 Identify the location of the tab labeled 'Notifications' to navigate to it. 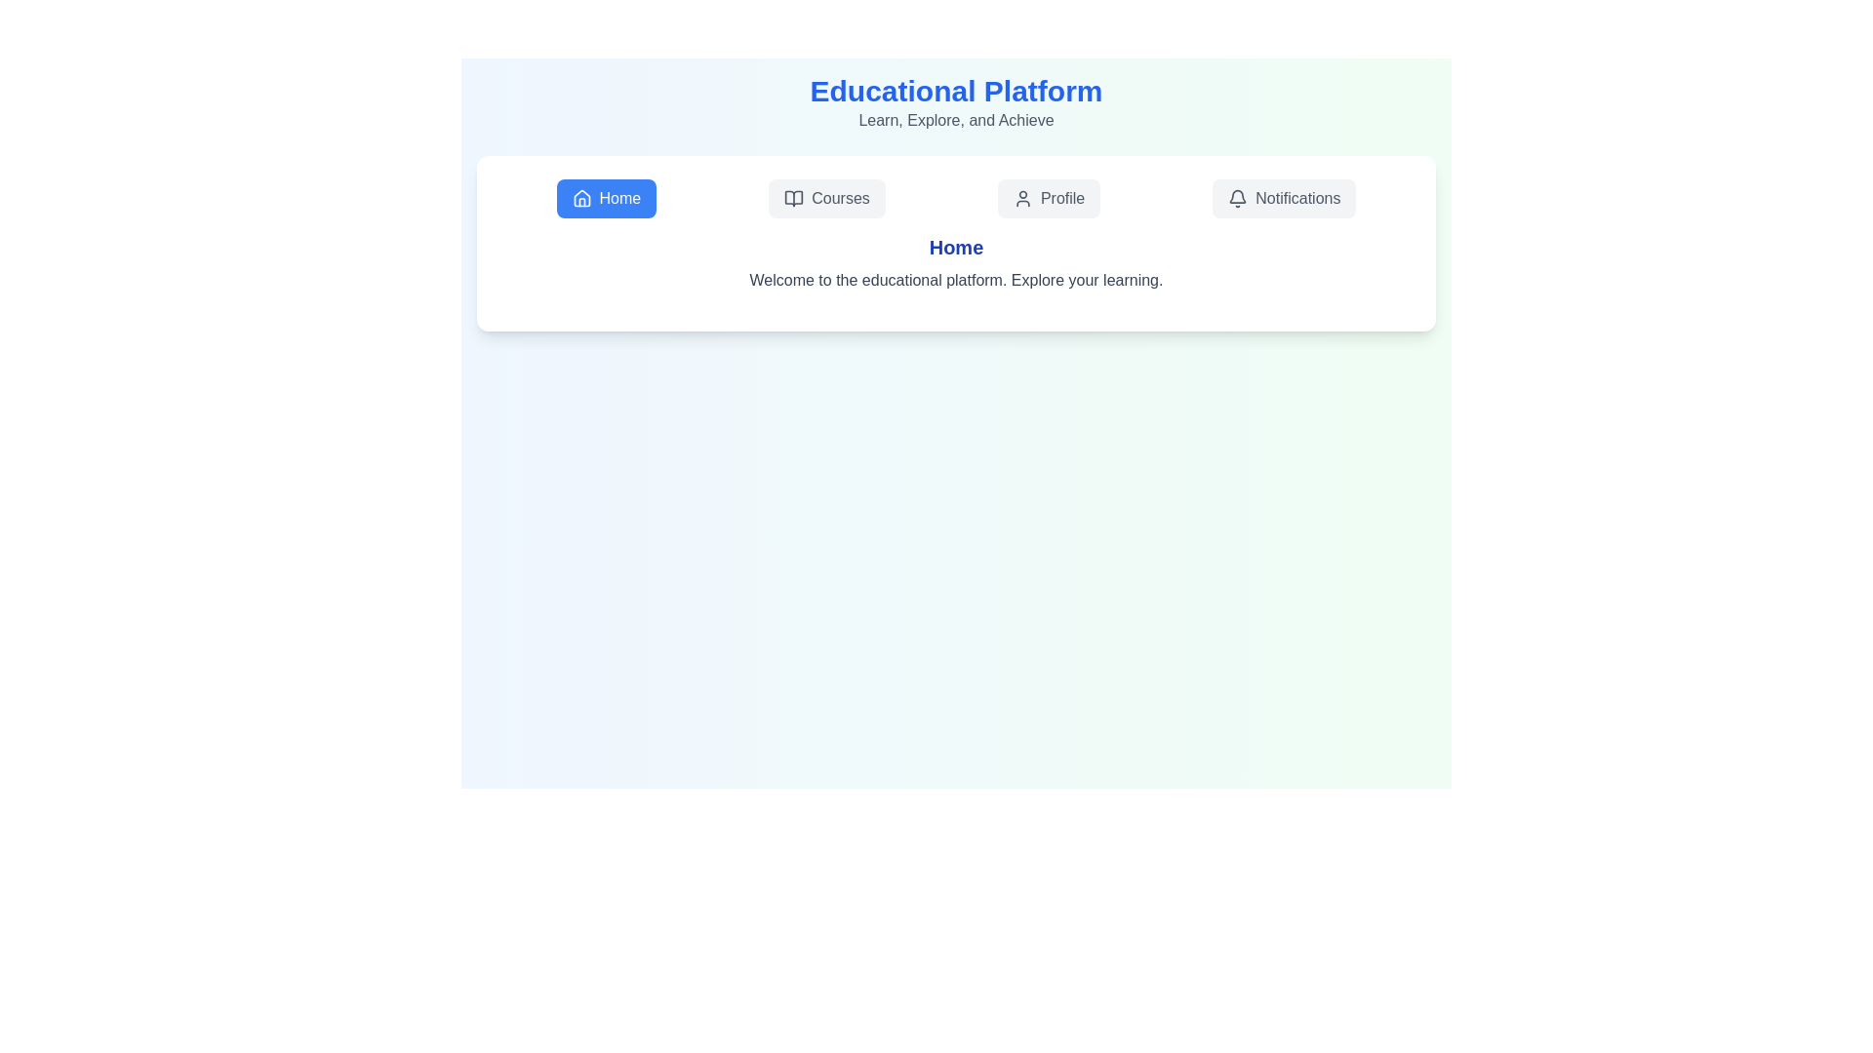
(1284, 199).